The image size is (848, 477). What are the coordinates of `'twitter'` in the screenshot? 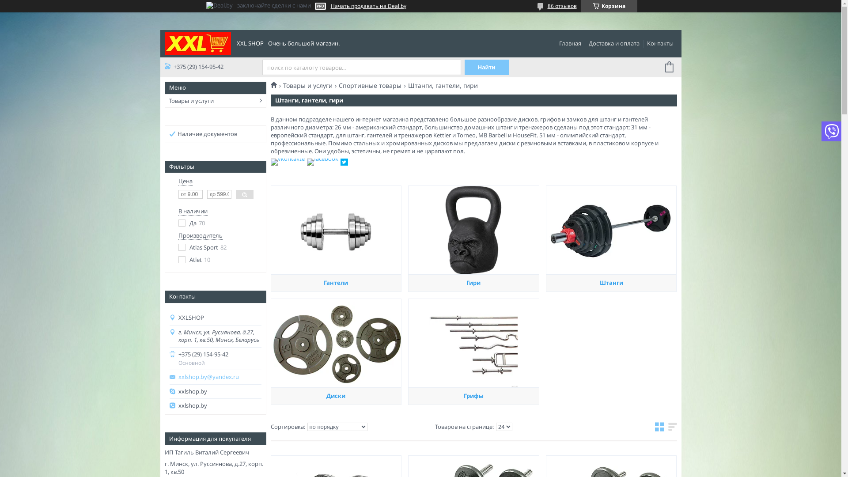 It's located at (343, 163).